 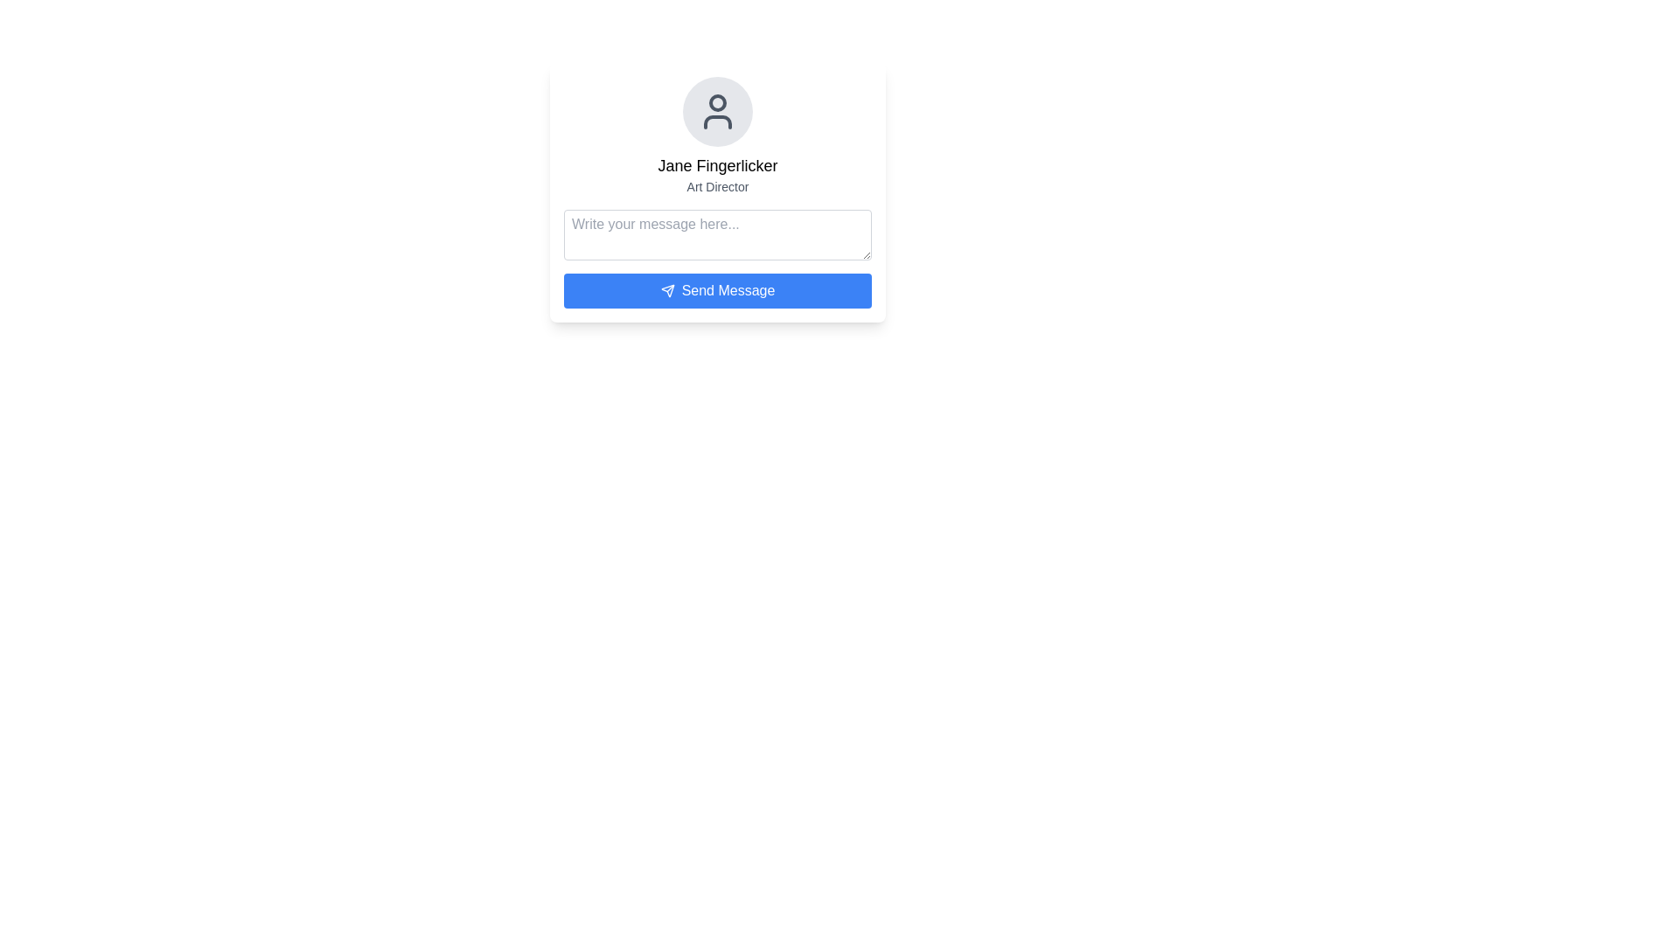 I want to click on the user profile icon, which is a dark gray circular figure with a light gray background, located at the center of the page above the name 'Jane Fingerlicker' and designation 'Art Director', so click(x=717, y=111).